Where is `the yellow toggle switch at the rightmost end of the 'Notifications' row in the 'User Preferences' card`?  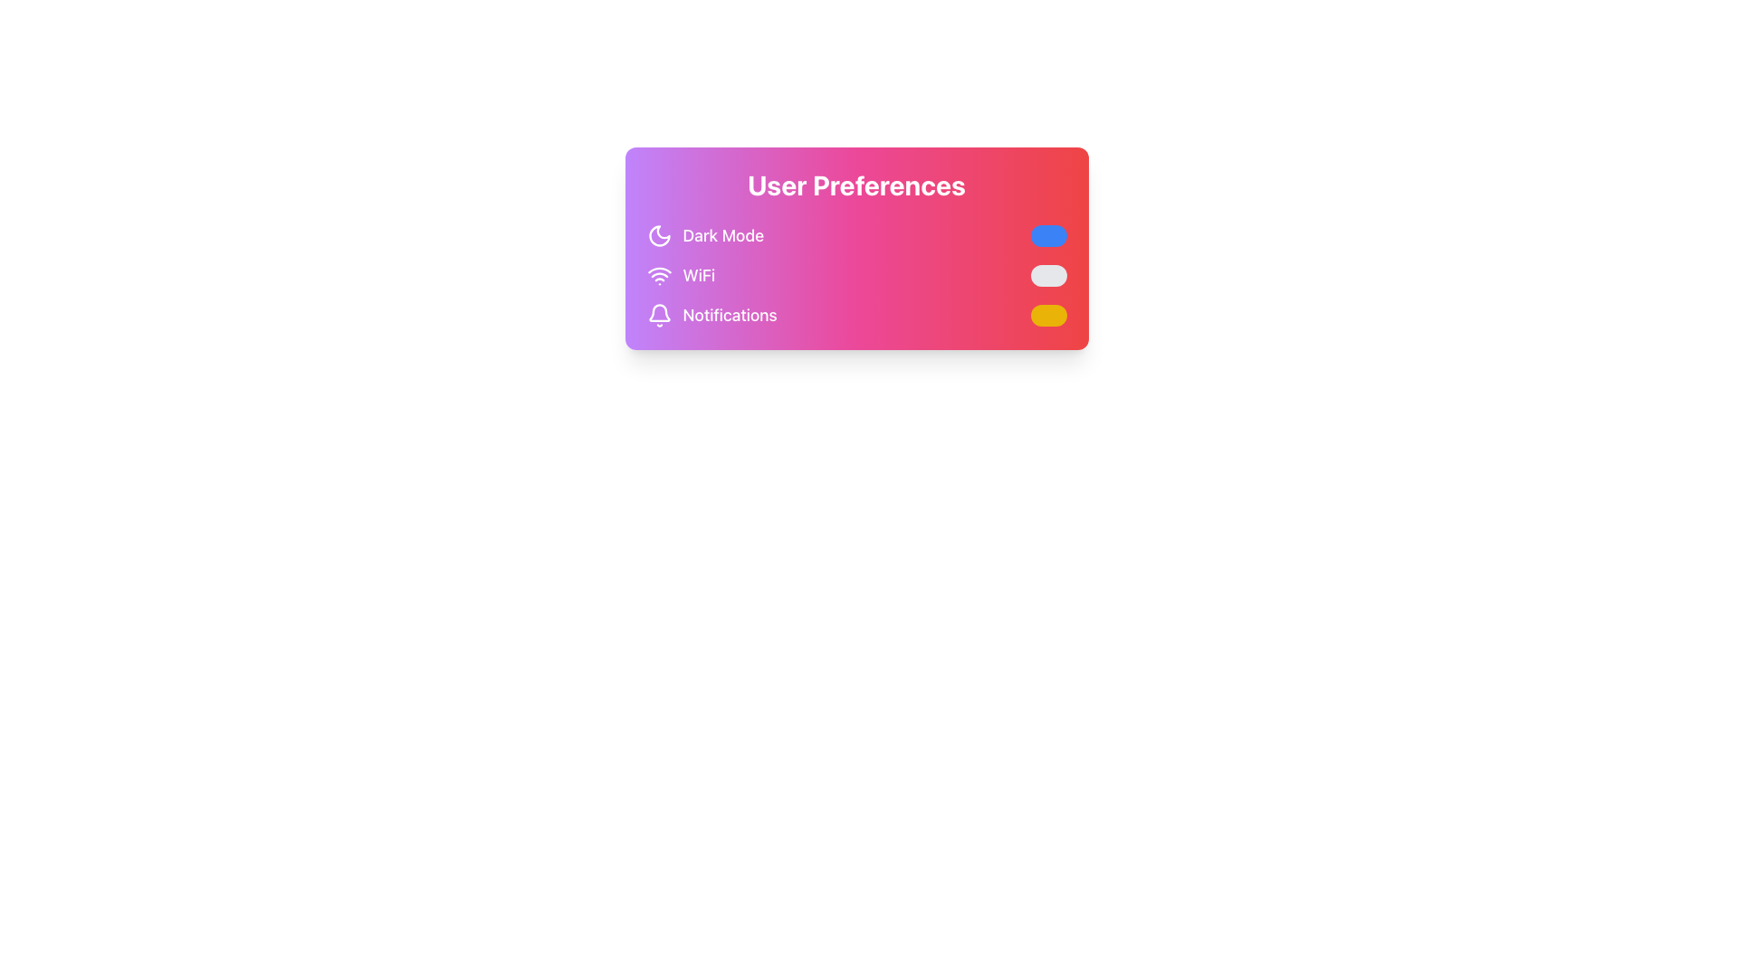
the yellow toggle switch at the rightmost end of the 'Notifications' row in the 'User Preferences' card is located at coordinates (1048, 314).